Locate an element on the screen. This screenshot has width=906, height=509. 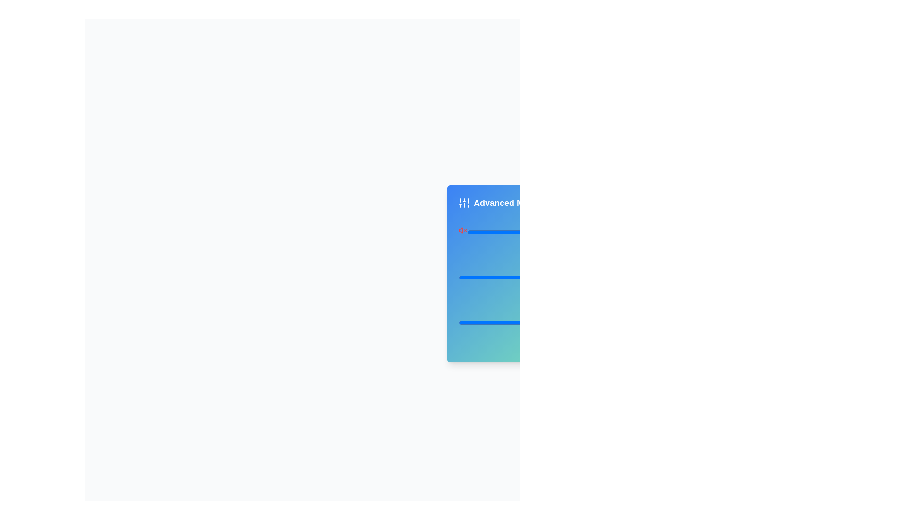
slider value is located at coordinates (493, 322).